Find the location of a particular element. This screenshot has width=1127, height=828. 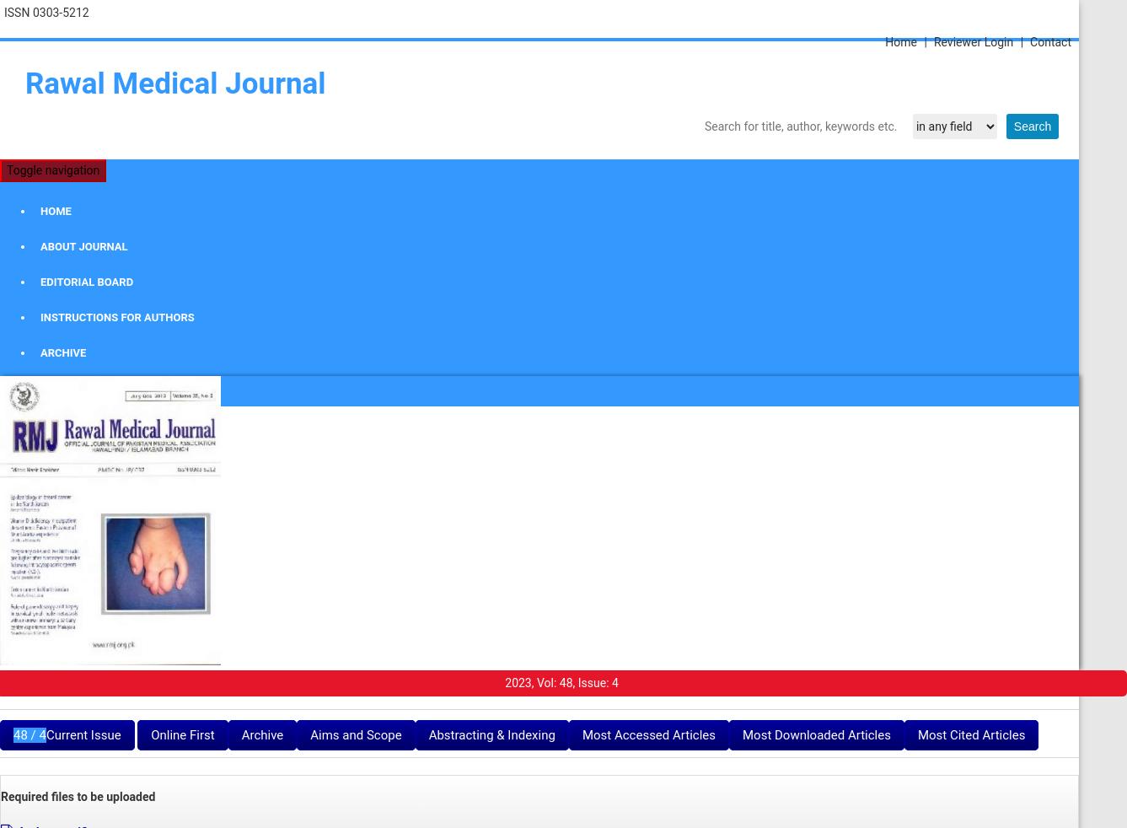

'Archive' is located at coordinates (260, 734).